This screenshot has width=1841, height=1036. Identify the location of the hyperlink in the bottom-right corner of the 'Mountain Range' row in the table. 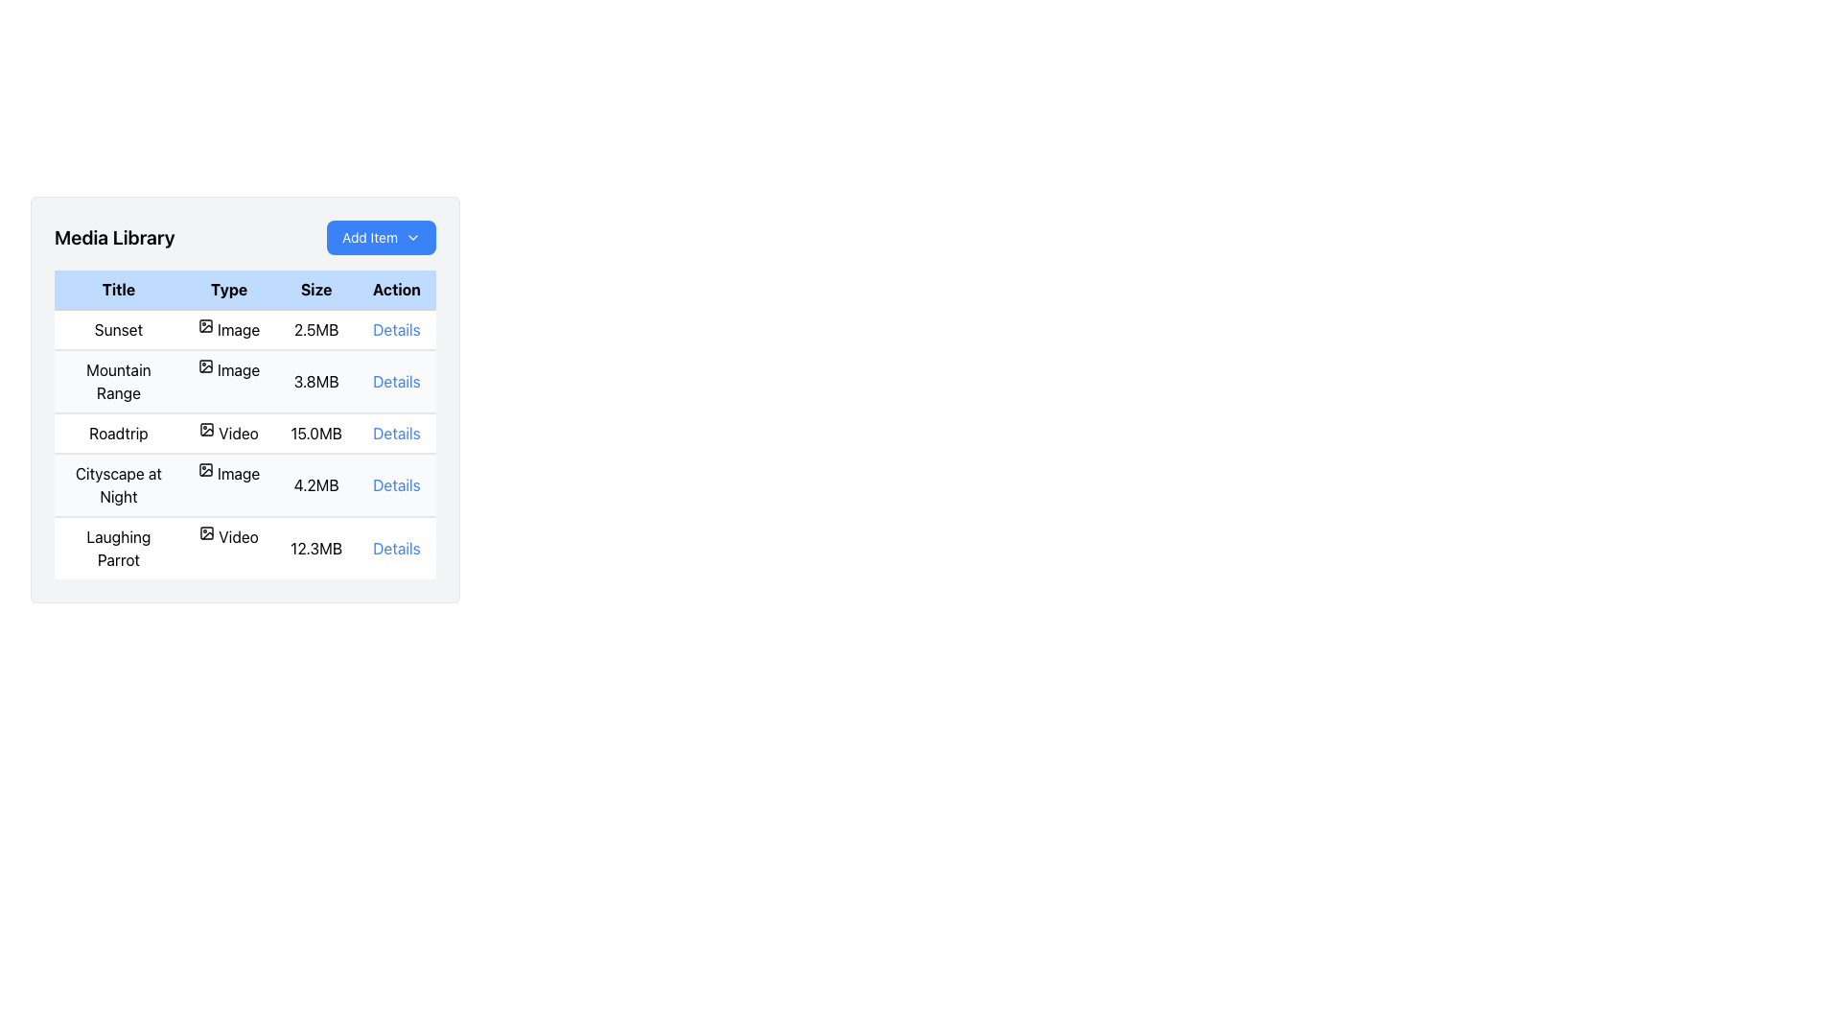
(395, 381).